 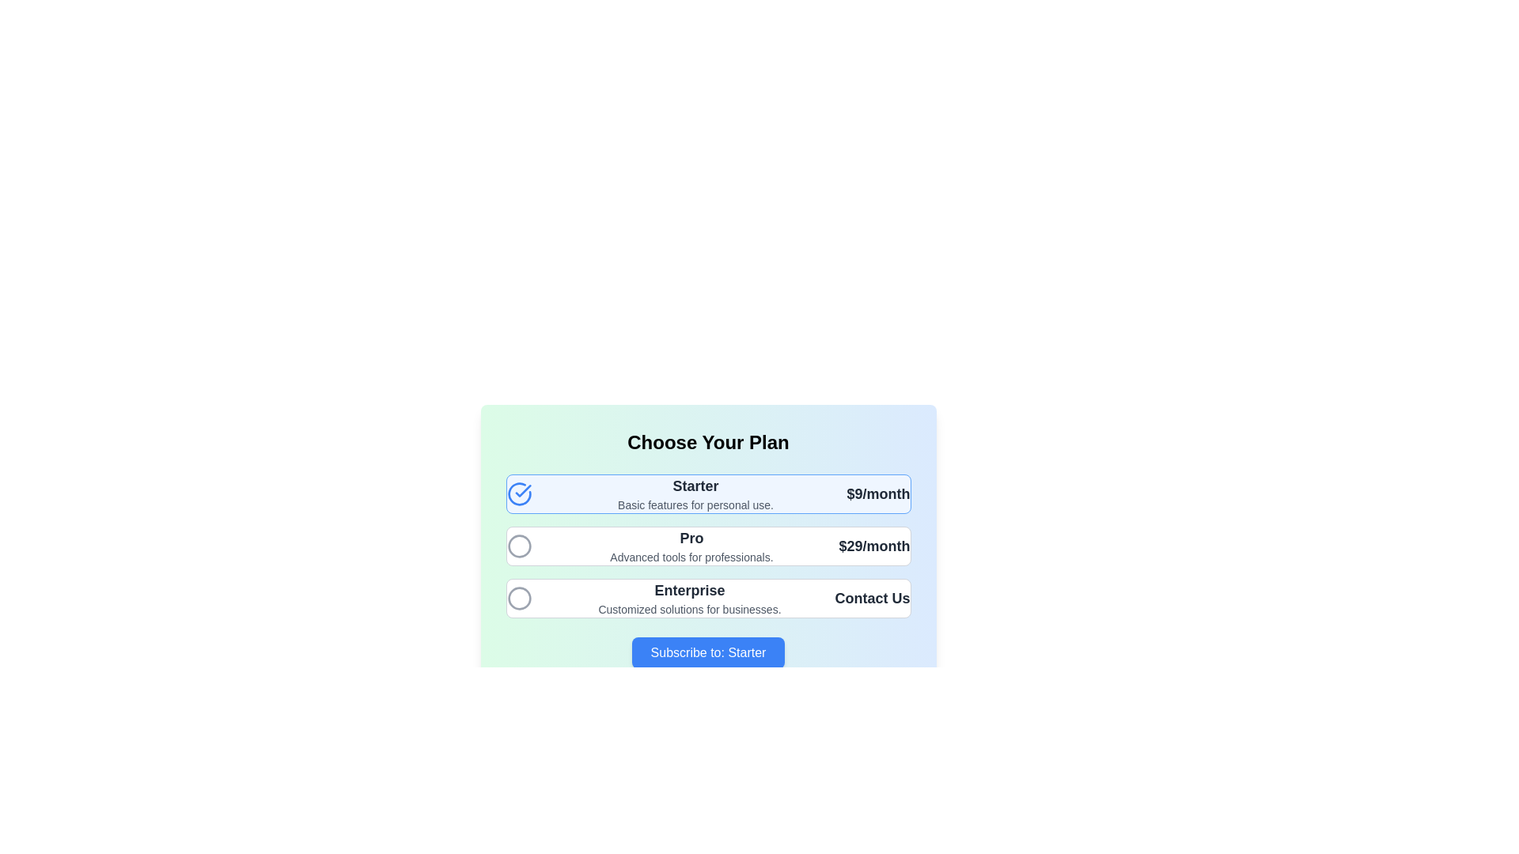 What do you see at coordinates (872, 598) in the screenshot?
I see `the text label in the 'Enterprise' plan section, which prompts users to contact the provider about the Enterprise plan` at bounding box center [872, 598].